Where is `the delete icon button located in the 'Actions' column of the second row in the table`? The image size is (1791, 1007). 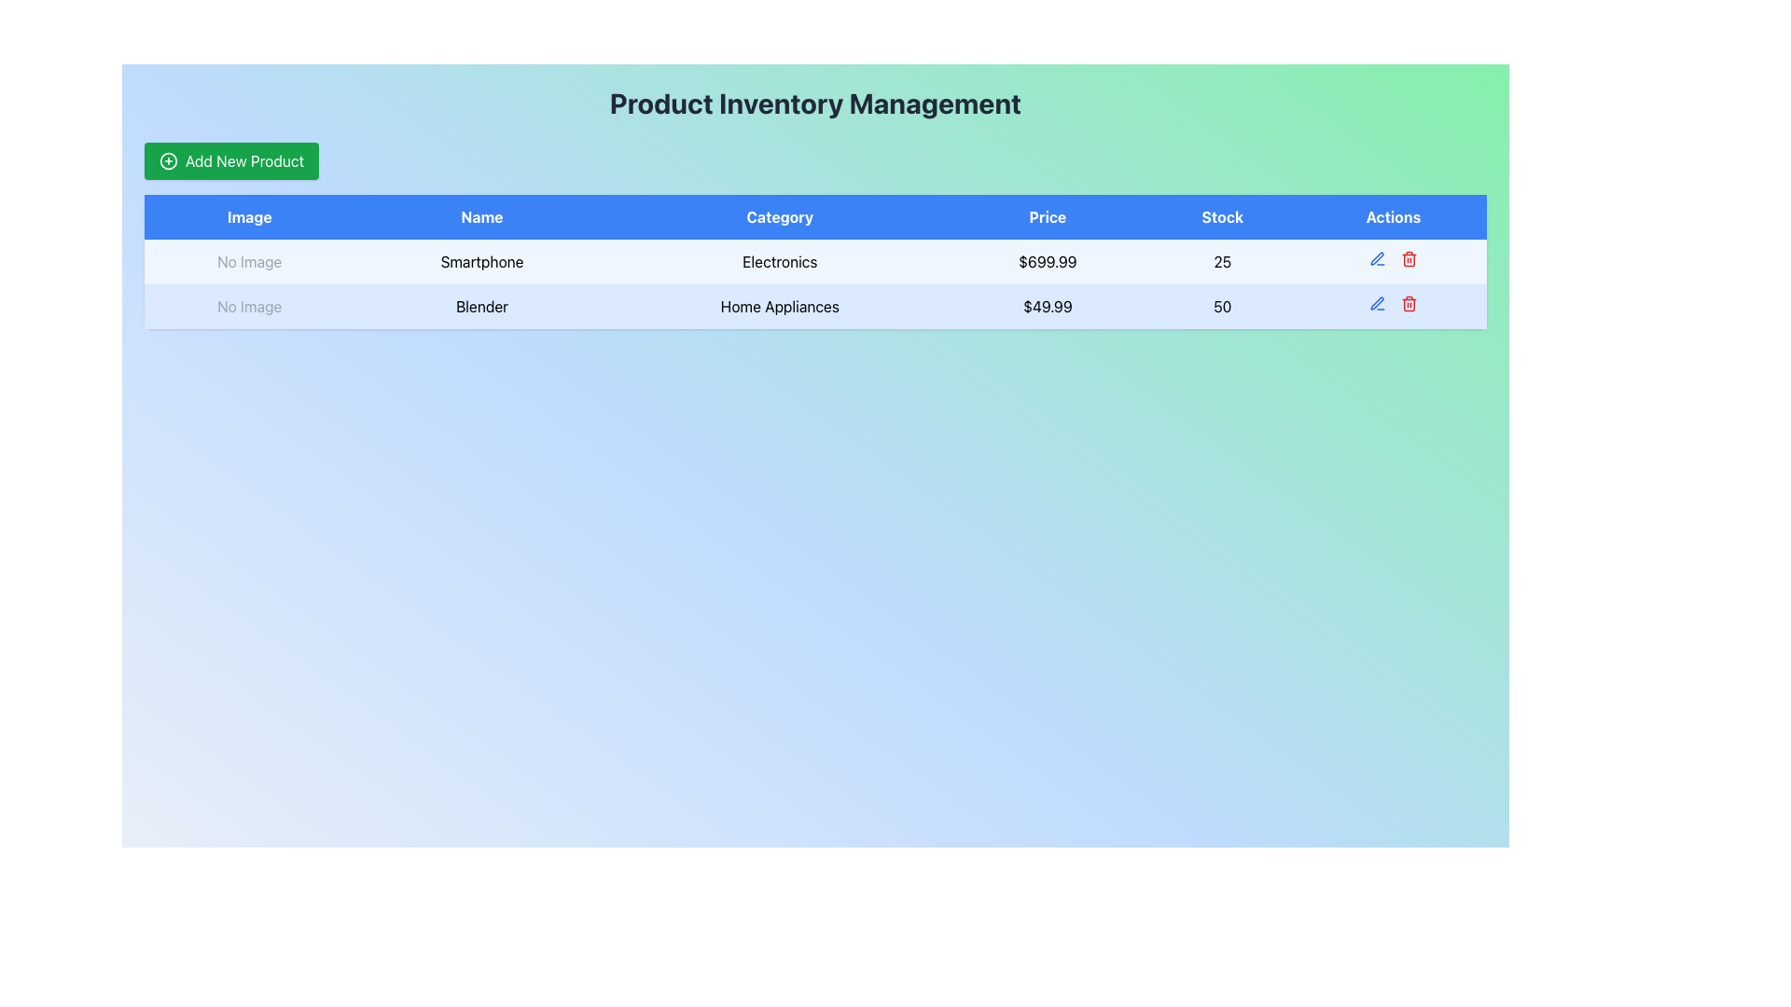
the delete icon button located in the 'Actions' column of the second row in the table is located at coordinates (1409, 258).